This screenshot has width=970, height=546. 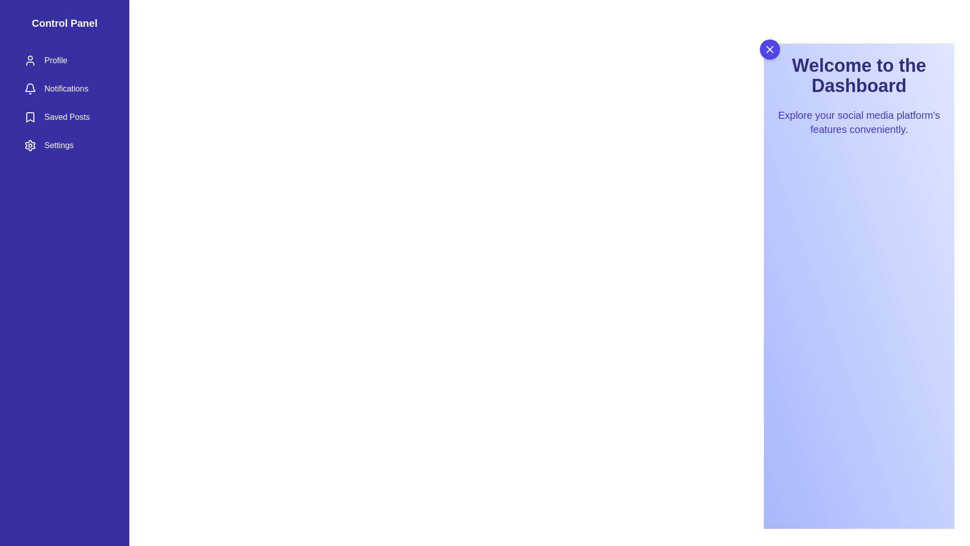 What do you see at coordinates (64, 116) in the screenshot?
I see `the side drawer item Saved Posts to observe visual feedback` at bounding box center [64, 116].